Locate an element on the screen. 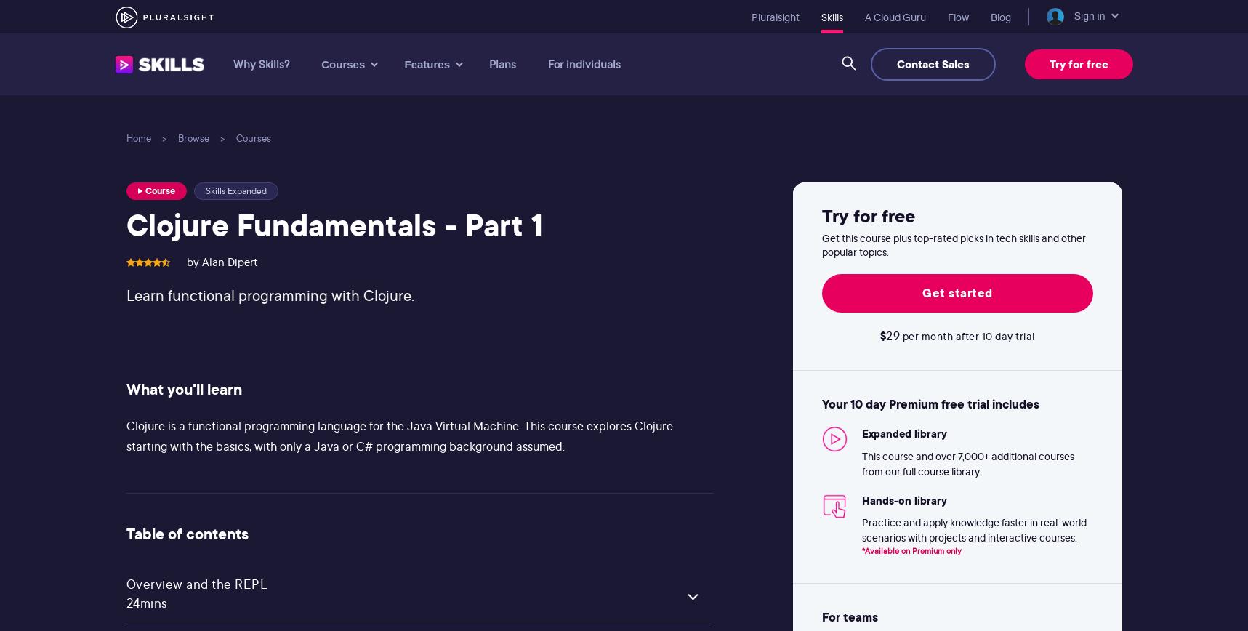 The height and width of the screenshot is (631, 1248). 'Table of contents' is located at coordinates (186, 534).